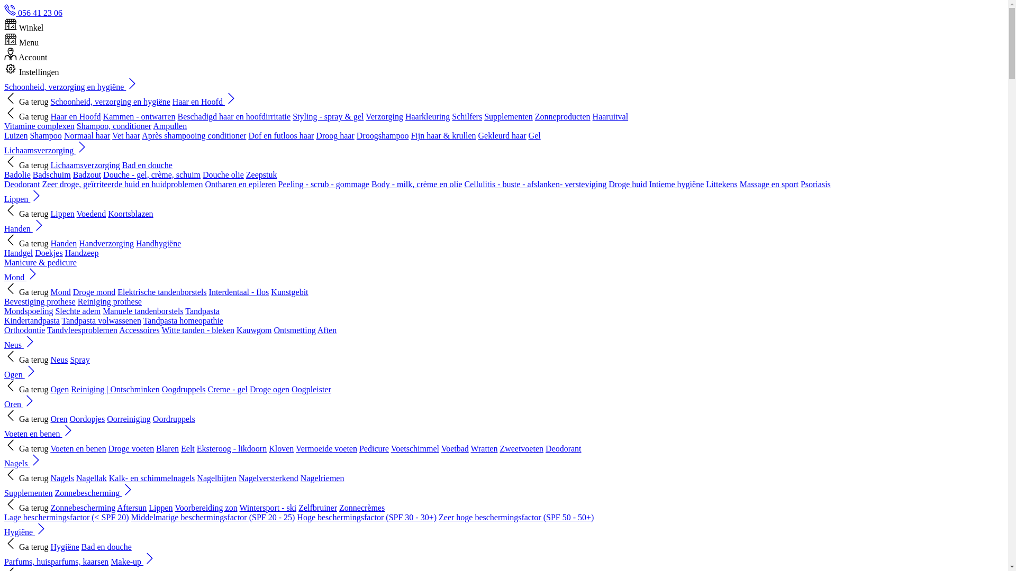 The image size is (1016, 571). Describe the element at coordinates (18, 253) in the screenshot. I see `'Handgel'` at that location.